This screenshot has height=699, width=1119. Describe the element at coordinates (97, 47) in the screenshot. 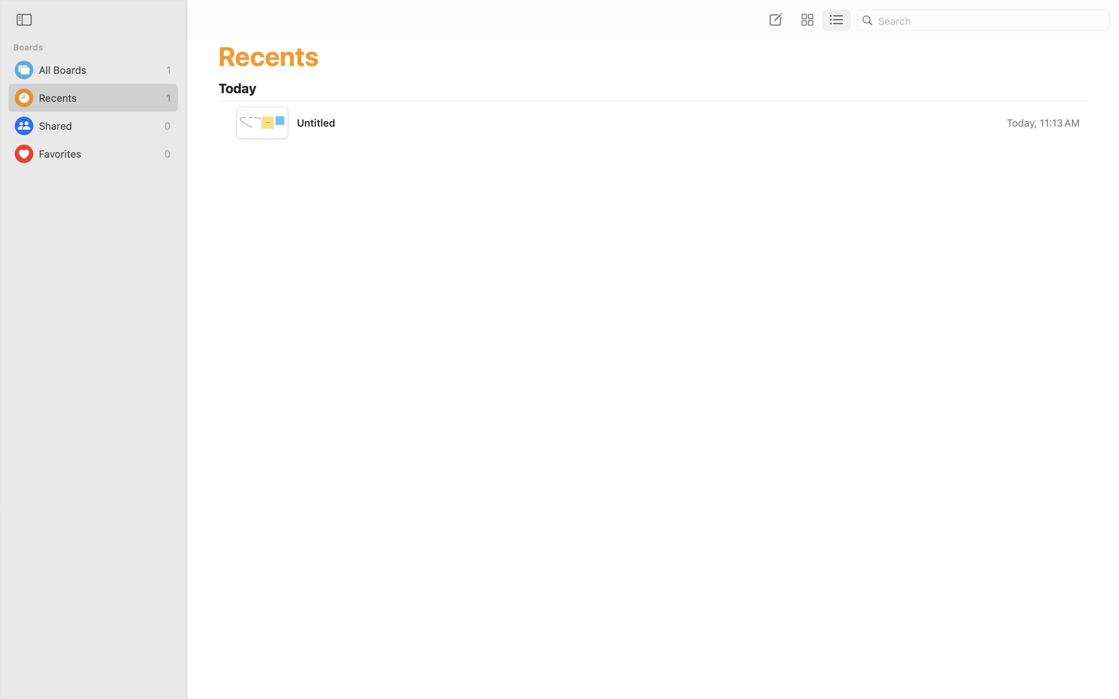

I see `'Boards'` at that location.